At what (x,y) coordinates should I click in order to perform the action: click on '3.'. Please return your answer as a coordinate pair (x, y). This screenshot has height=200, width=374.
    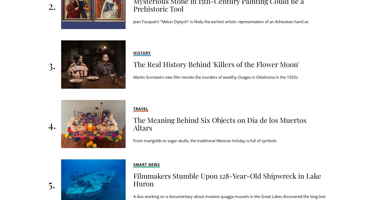
    Looking at the image, I should click on (51, 65).